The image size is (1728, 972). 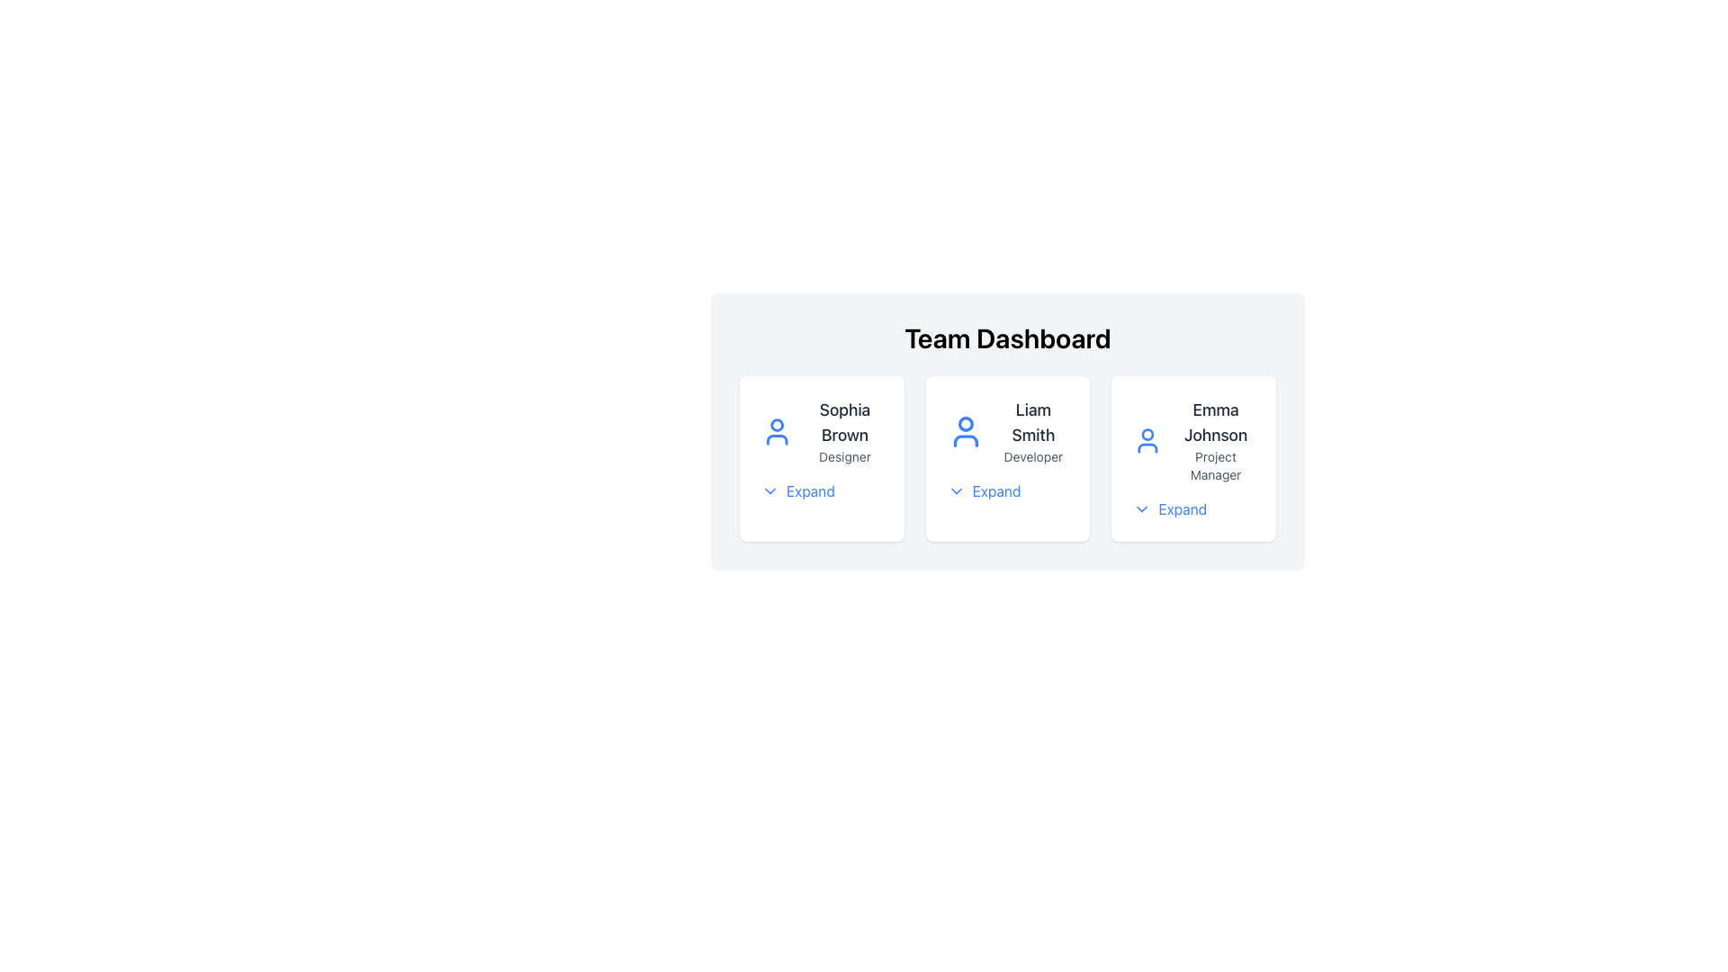 What do you see at coordinates (809, 491) in the screenshot?
I see `the text label indicator for the 'Sophia Brown' profile located in the lower-left corner of the first card under 'Team Dashboard'` at bounding box center [809, 491].